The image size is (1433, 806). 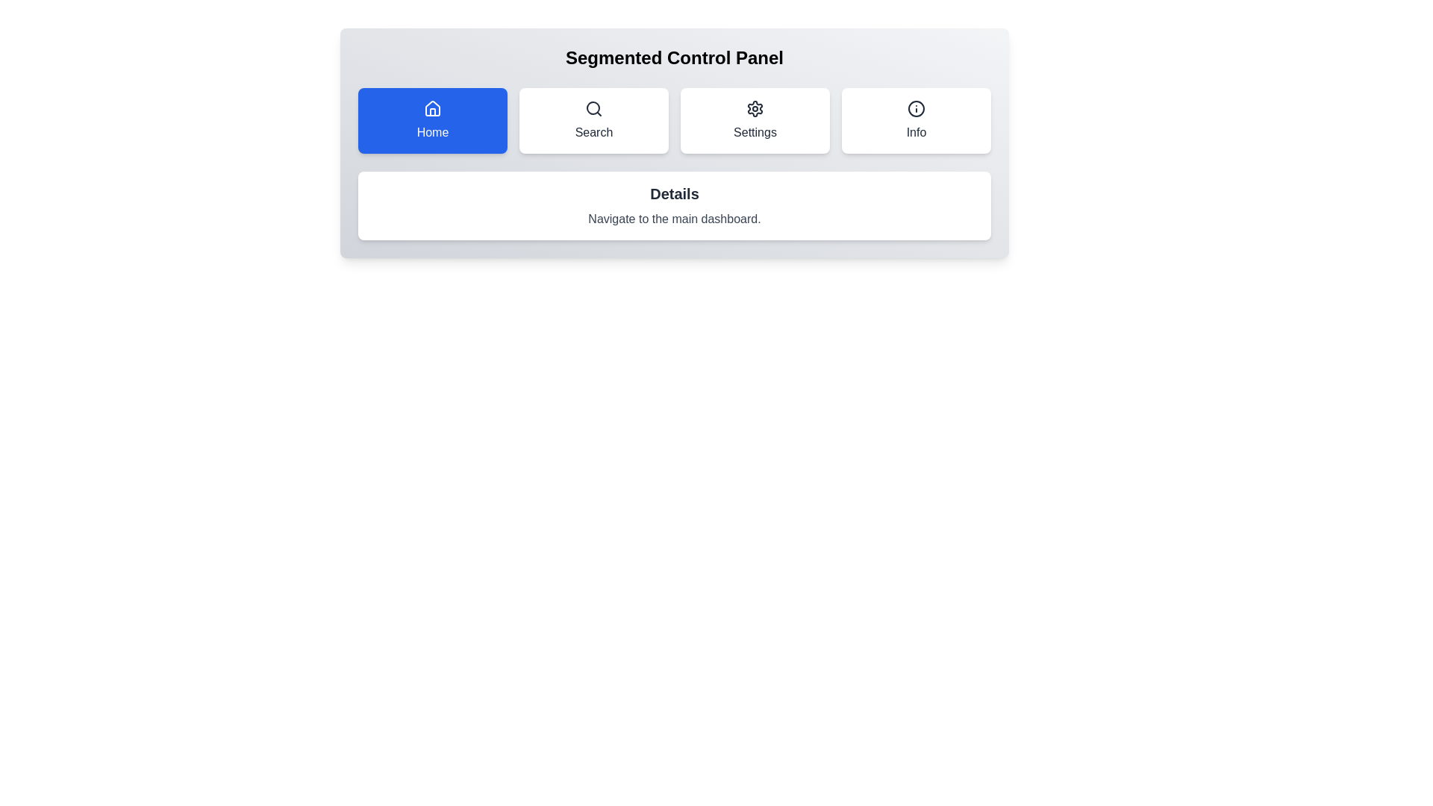 What do you see at coordinates (673, 219) in the screenshot?
I see `the Static Text Block that provides guidance or clarification related to the title 'Details', located at the bottom part of a white rectangular card with rounded corners` at bounding box center [673, 219].